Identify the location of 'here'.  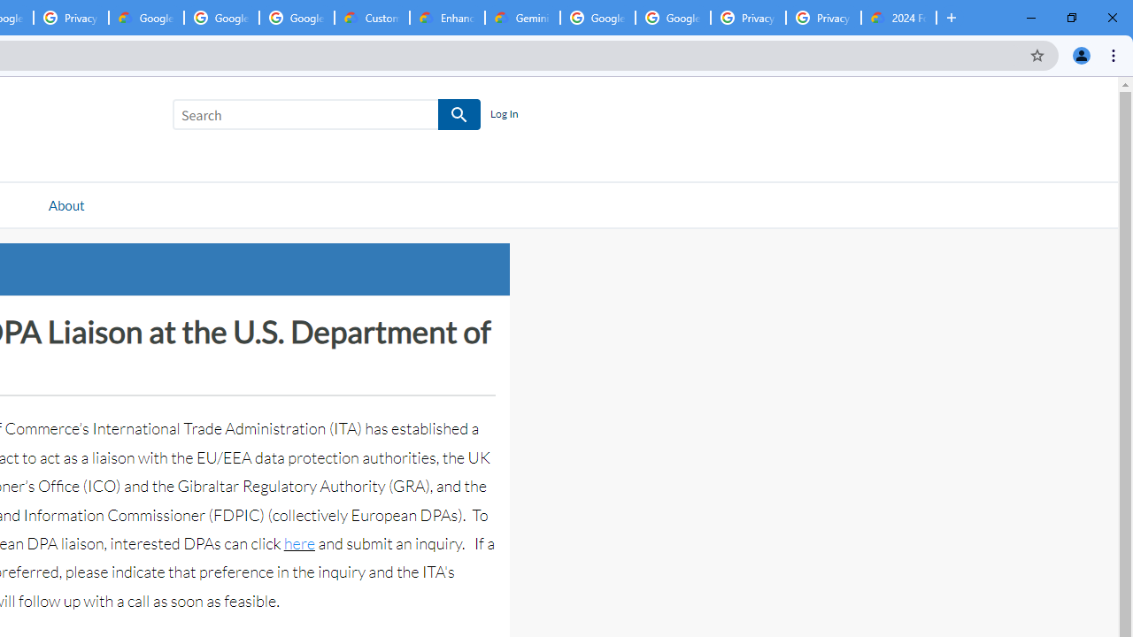
(298, 542).